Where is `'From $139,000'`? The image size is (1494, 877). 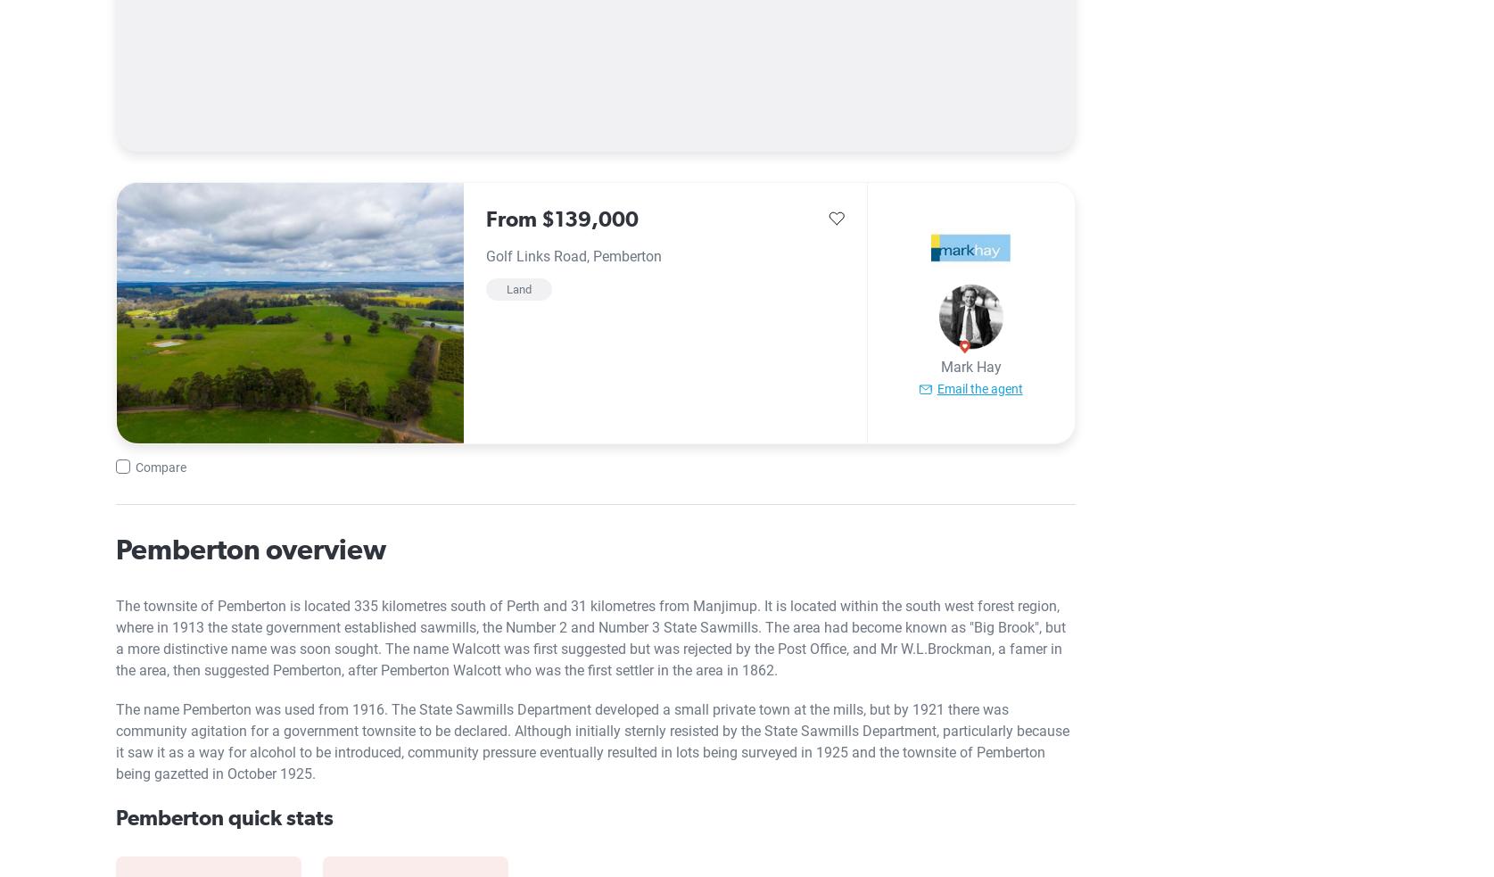
'From $139,000' is located at coordinates (561, 217).